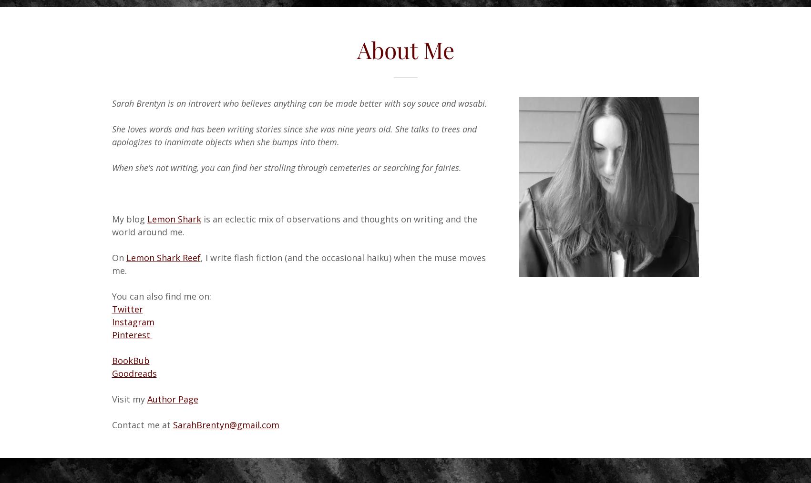  Describe the element at coordinates (111, 322) in the screenshot. I see `'Instagram'` at that location.